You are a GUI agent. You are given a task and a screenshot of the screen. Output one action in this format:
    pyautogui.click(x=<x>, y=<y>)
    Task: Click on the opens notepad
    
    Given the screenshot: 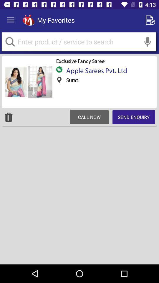 What is the action you would take?
    pyautogui.click(x=151, y=20)
    